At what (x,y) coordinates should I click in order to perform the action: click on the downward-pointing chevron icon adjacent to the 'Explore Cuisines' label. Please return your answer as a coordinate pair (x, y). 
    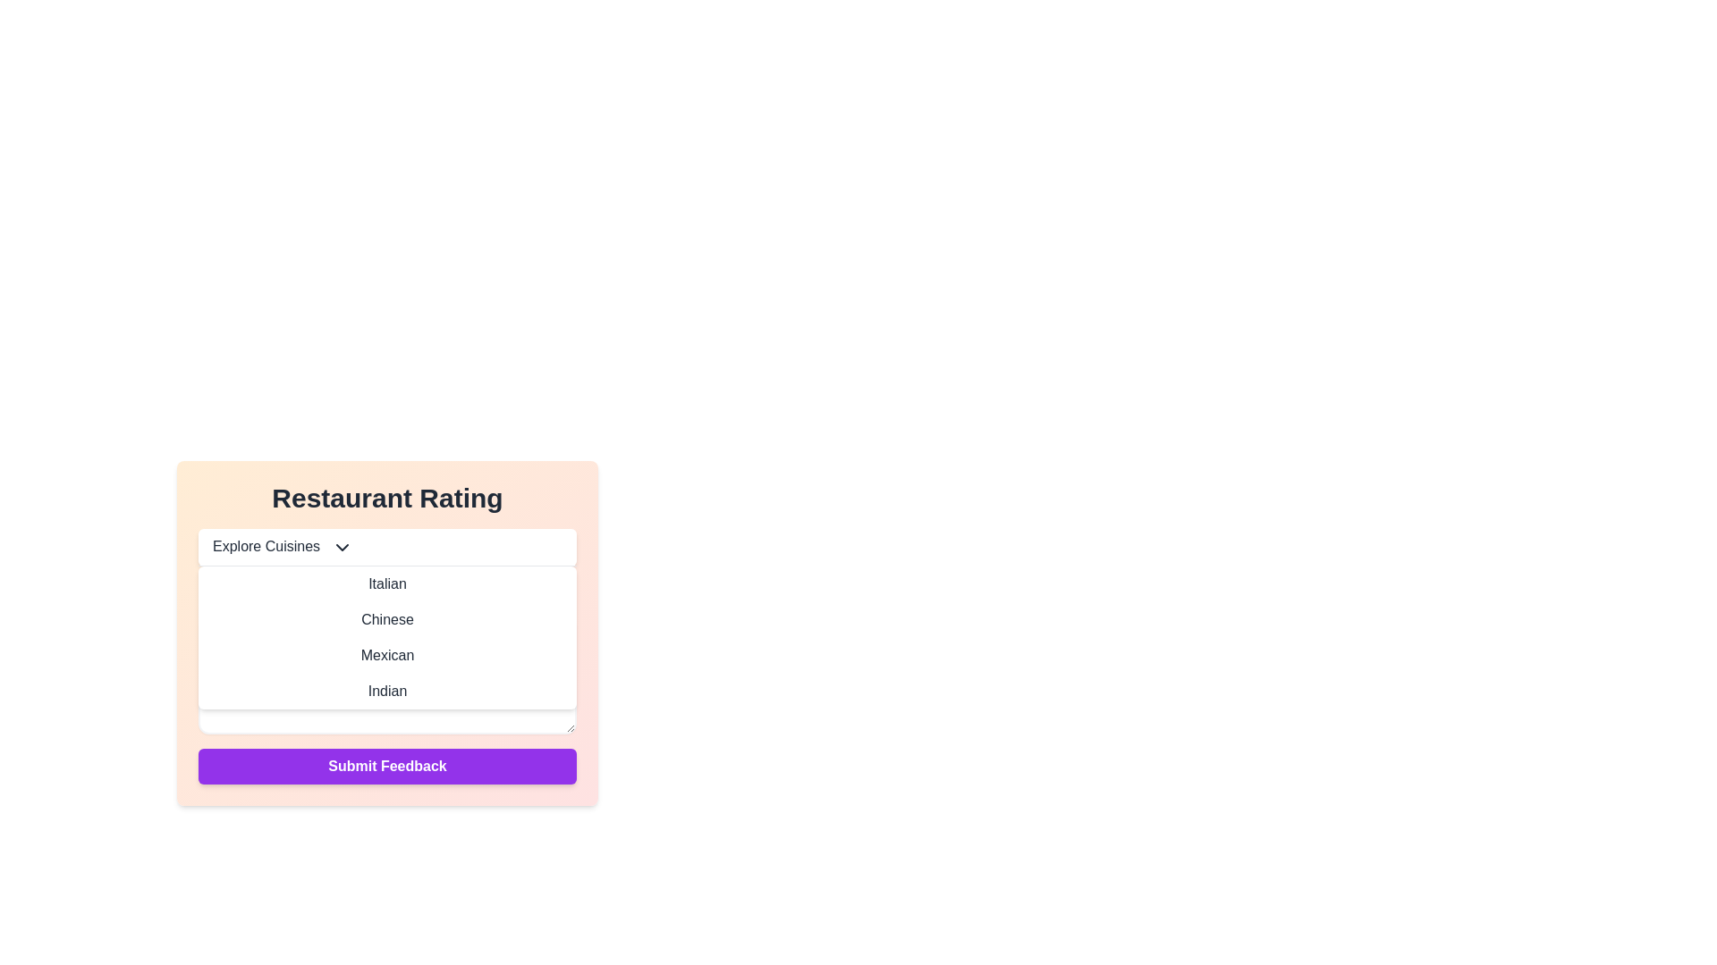
    Looking at the image, I should click on (342, 546).